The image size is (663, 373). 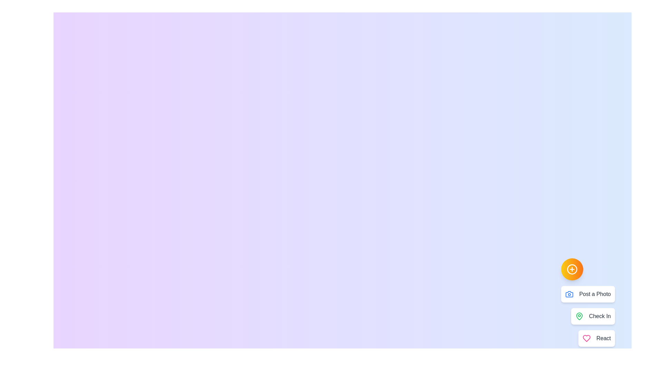 I want to click on the menu option Check In, so click(x=593, y=316).